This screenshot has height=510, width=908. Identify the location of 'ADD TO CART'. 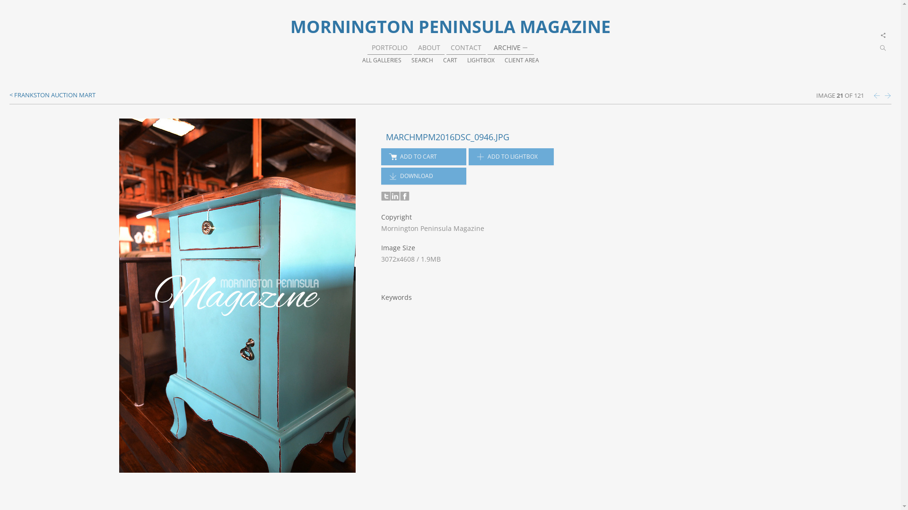
(423, 156).